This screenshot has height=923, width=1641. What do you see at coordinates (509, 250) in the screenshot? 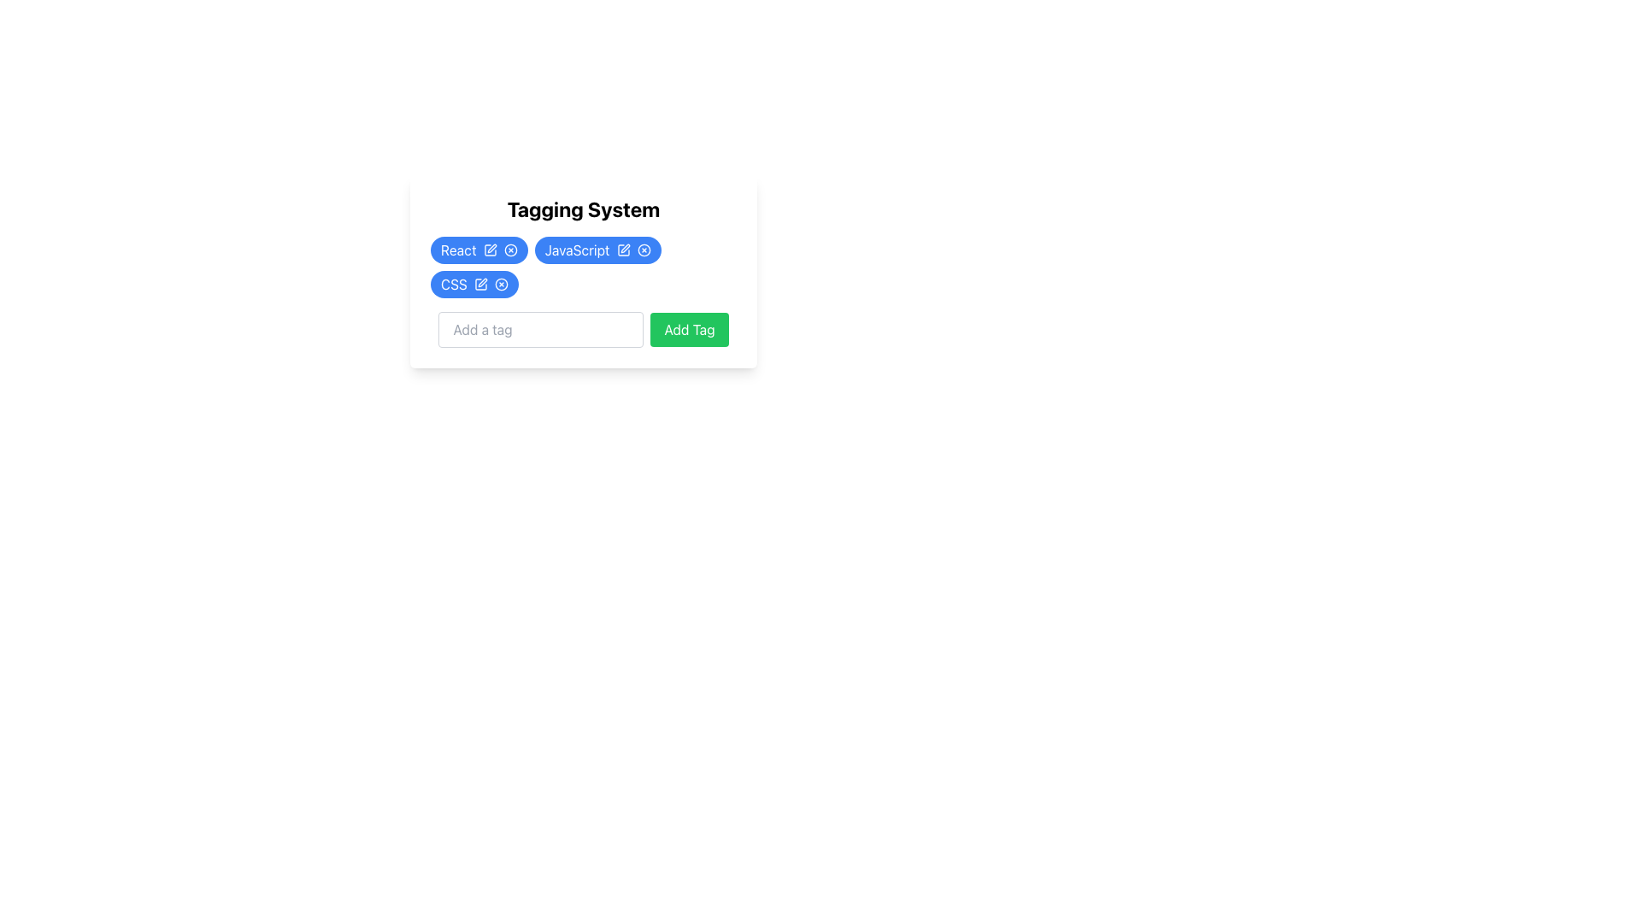
I see `the circular icon button with a cross inside, which is located to the right of the 'React' tag` at bounding box center [509, 250].